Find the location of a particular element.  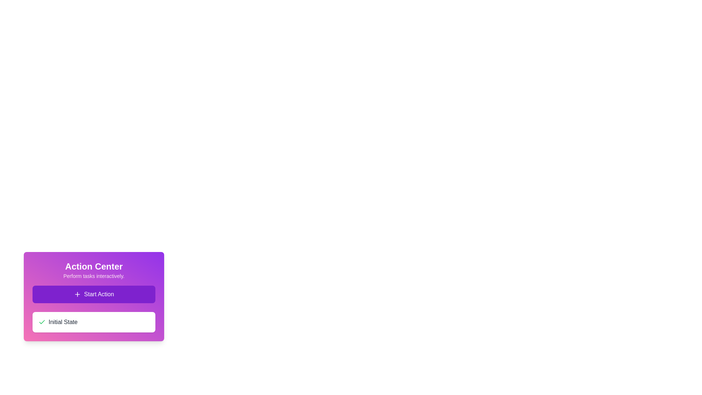

the checkmark icon indicating selection next to the 'Initial State' text in the Action Center card is located at coordinates (42, 321).